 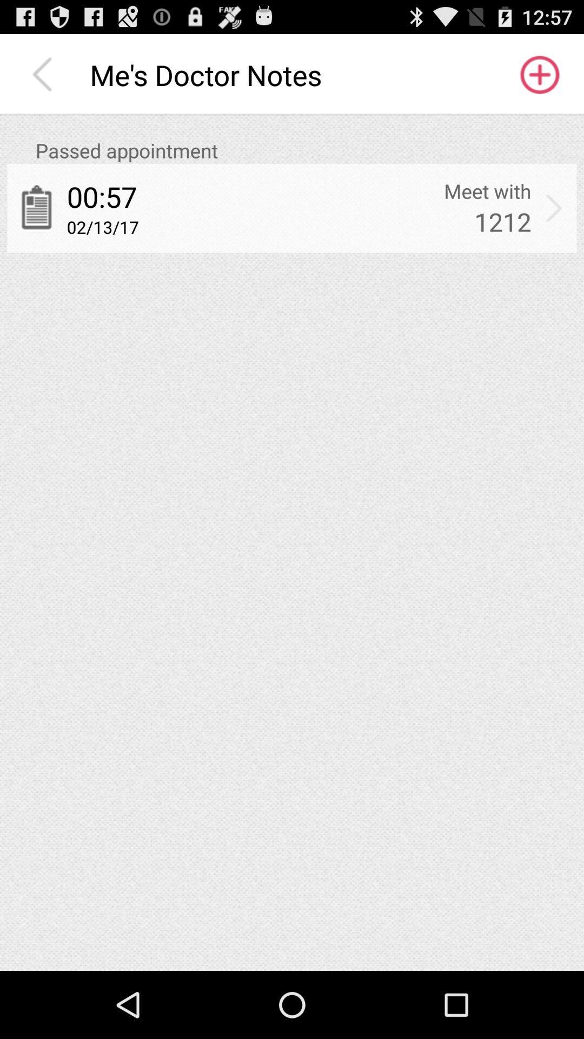 What do you see at coordinates (306, 150) in the screenshot?
I see `the passed appointment app` at bounding box center [306, 150].